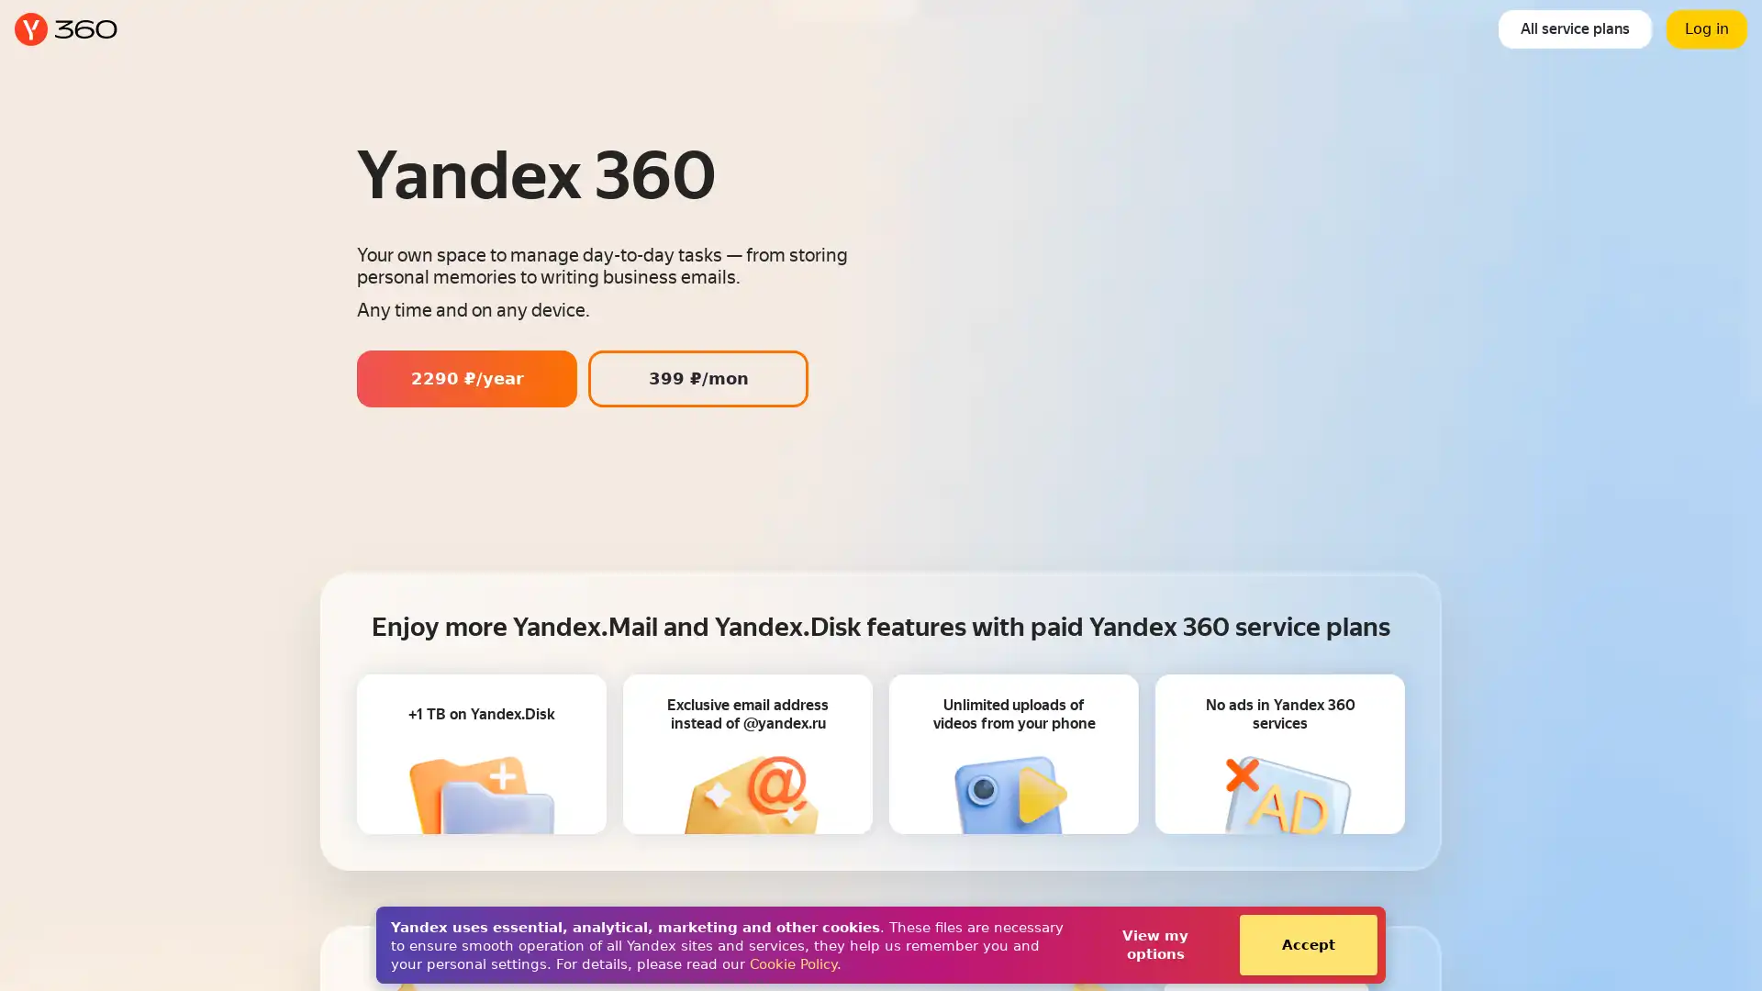  I want to click on Accept, so click(1307, 944).